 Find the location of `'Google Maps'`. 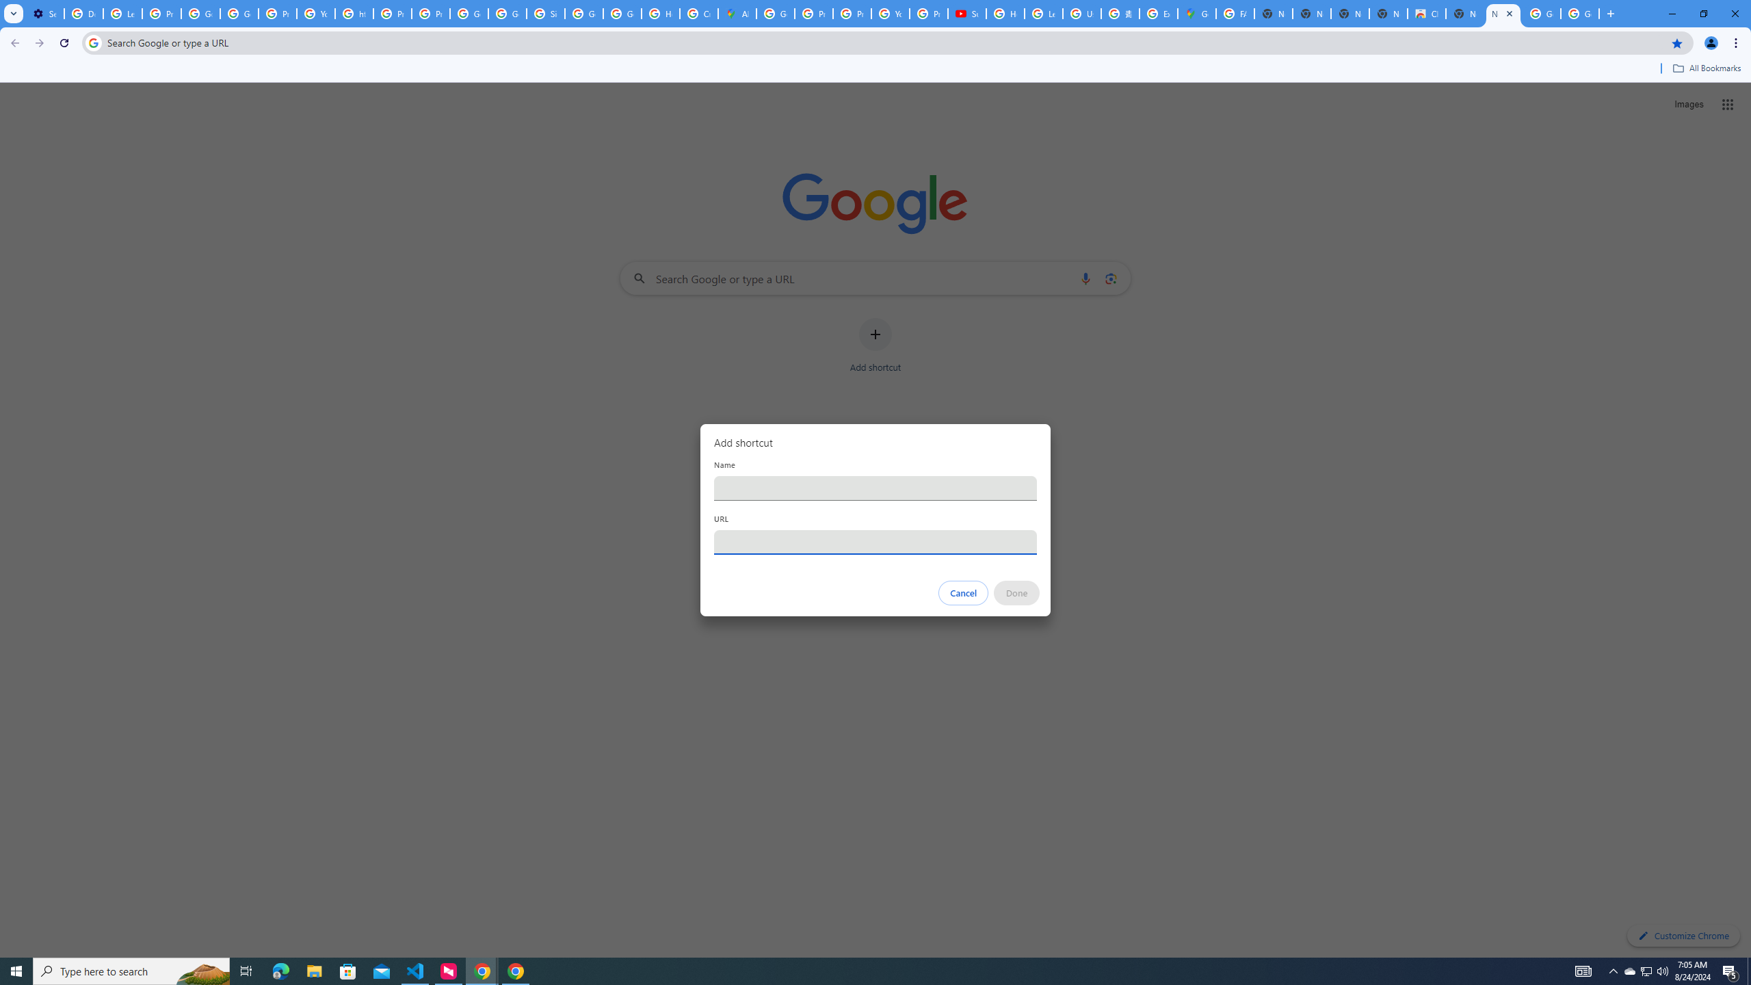

'Google Maps' is located at coordinates (1196, 13).